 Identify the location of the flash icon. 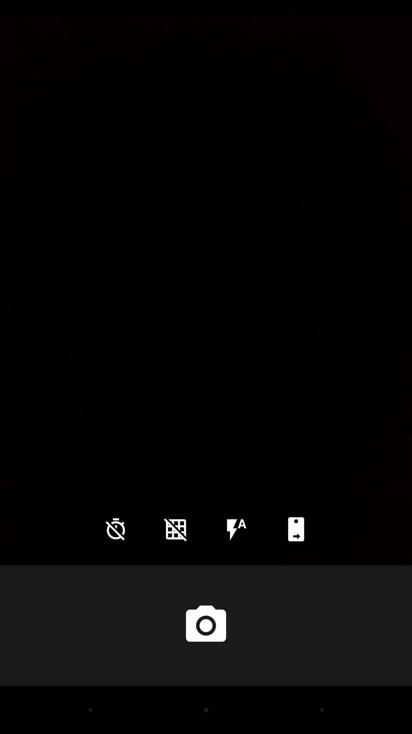
(235, 529).